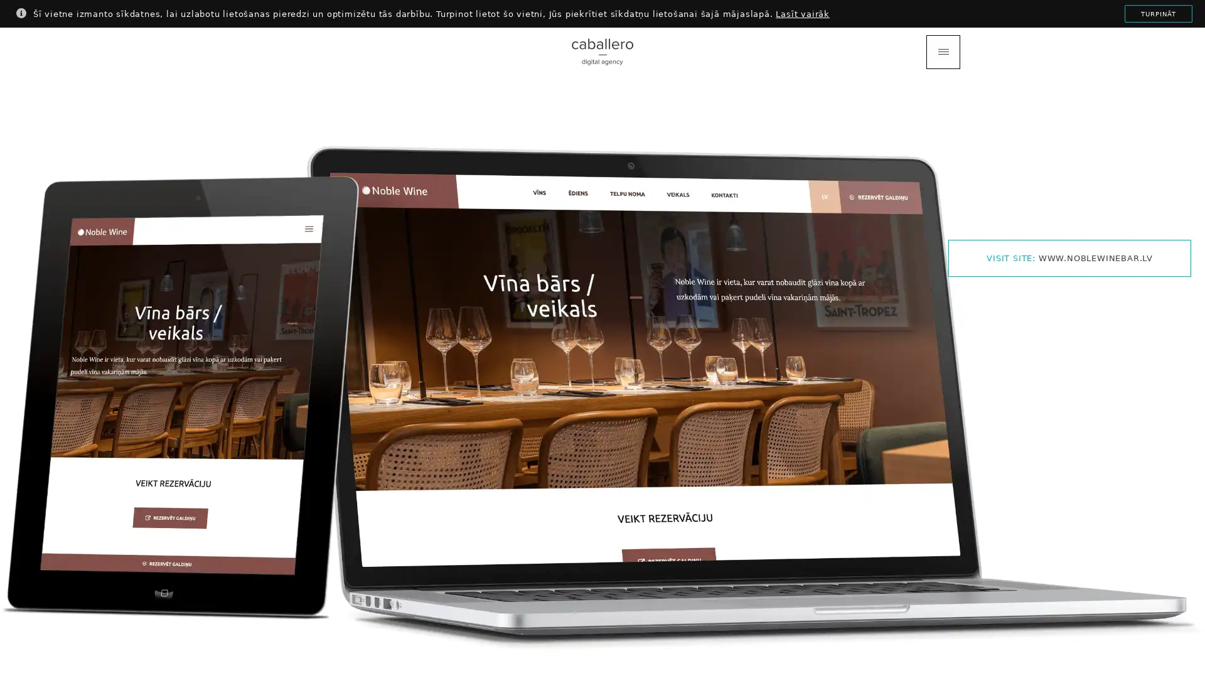  Describe the element at coordinates (1158, 14) in the screenshot. I see `TURPINAT` at that location.